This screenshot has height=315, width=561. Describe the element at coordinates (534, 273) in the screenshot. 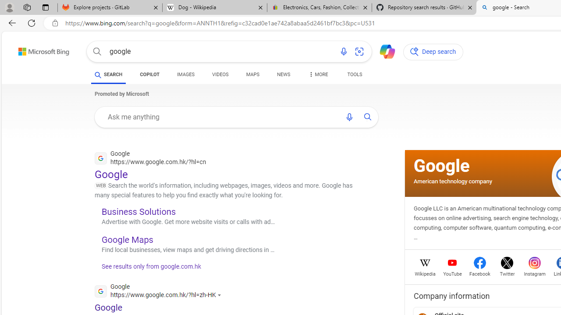

I see `'Instagram'` at that location.